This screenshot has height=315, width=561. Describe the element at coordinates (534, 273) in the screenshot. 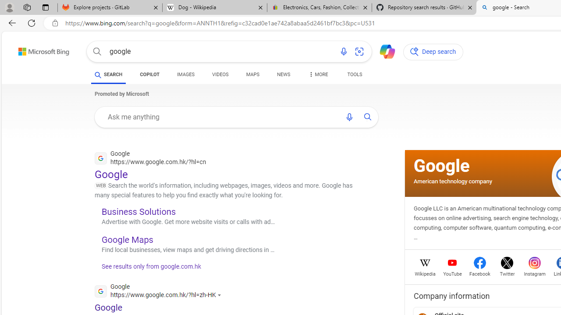

I see `'Instagram'` at that location.